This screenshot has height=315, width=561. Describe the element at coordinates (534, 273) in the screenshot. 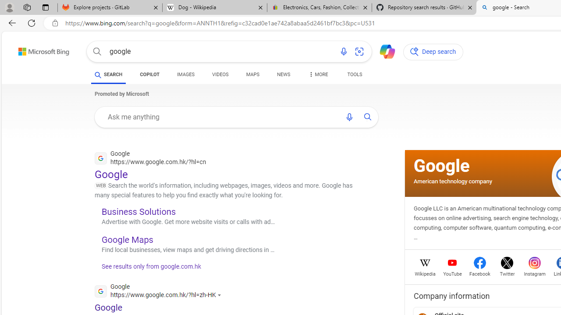

I see `'Instagram'` at that location.